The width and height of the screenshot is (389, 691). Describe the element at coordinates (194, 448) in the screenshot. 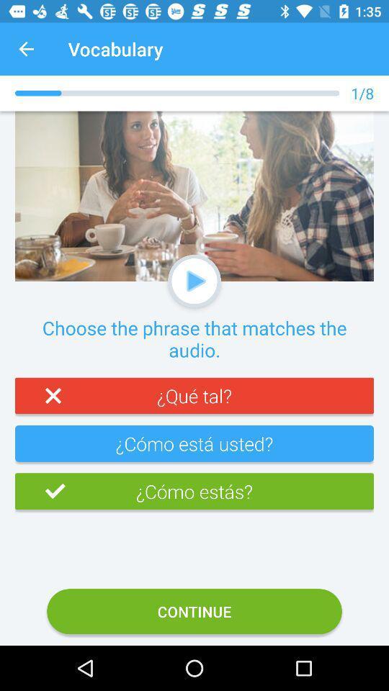

I see `the 2nd button above the continue button on the web page` at that location.